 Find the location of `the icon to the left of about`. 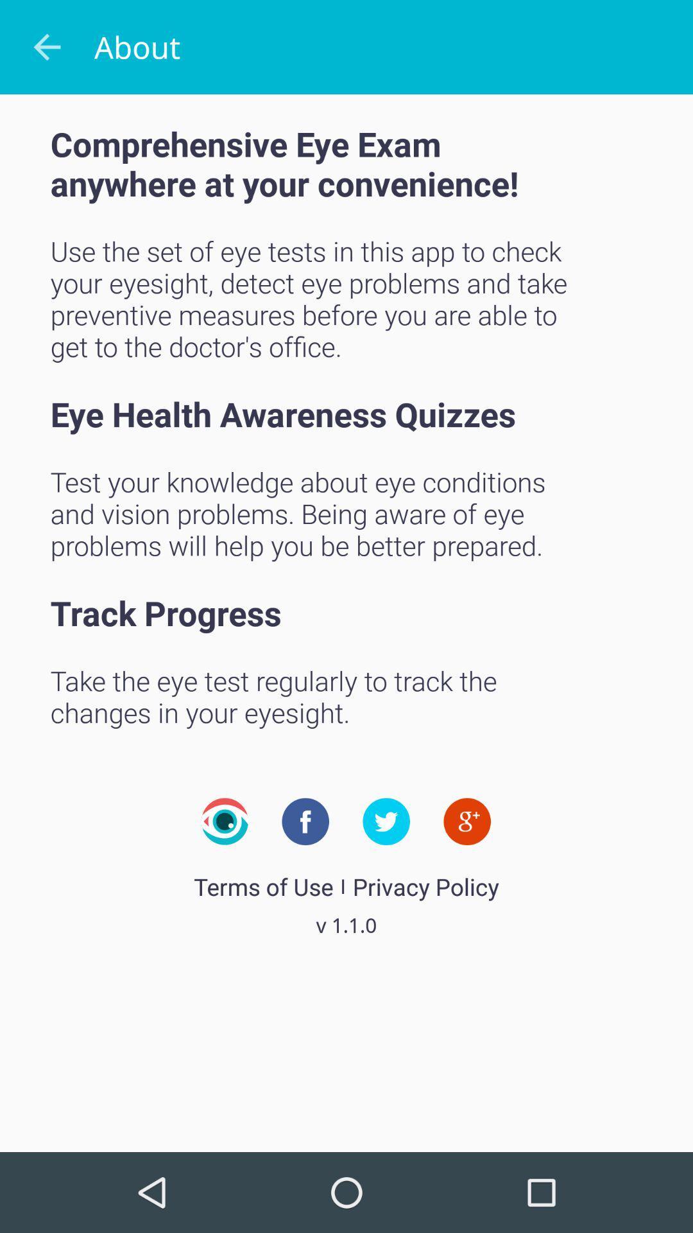

the icon to the left of about is located at coordinates (46, 47).